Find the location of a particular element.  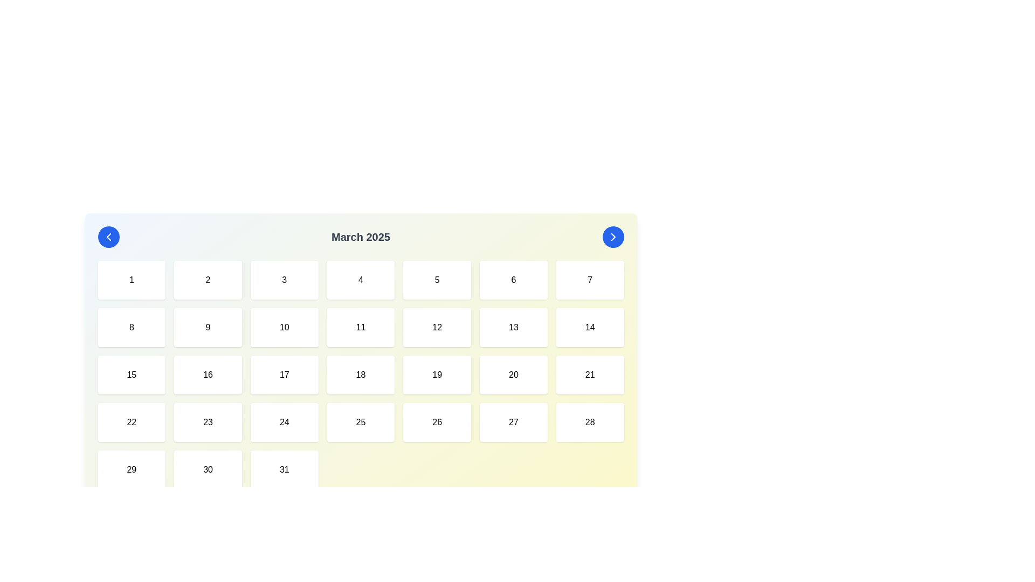

the clickable button that represents the date '5th' in the calendar view is located at coordinates (437, 280).